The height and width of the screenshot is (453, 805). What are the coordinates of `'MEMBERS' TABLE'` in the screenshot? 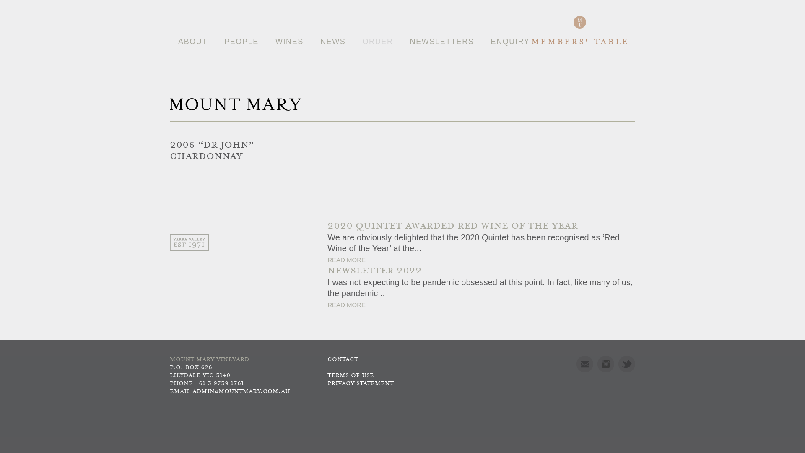 It's located at (579, 47).